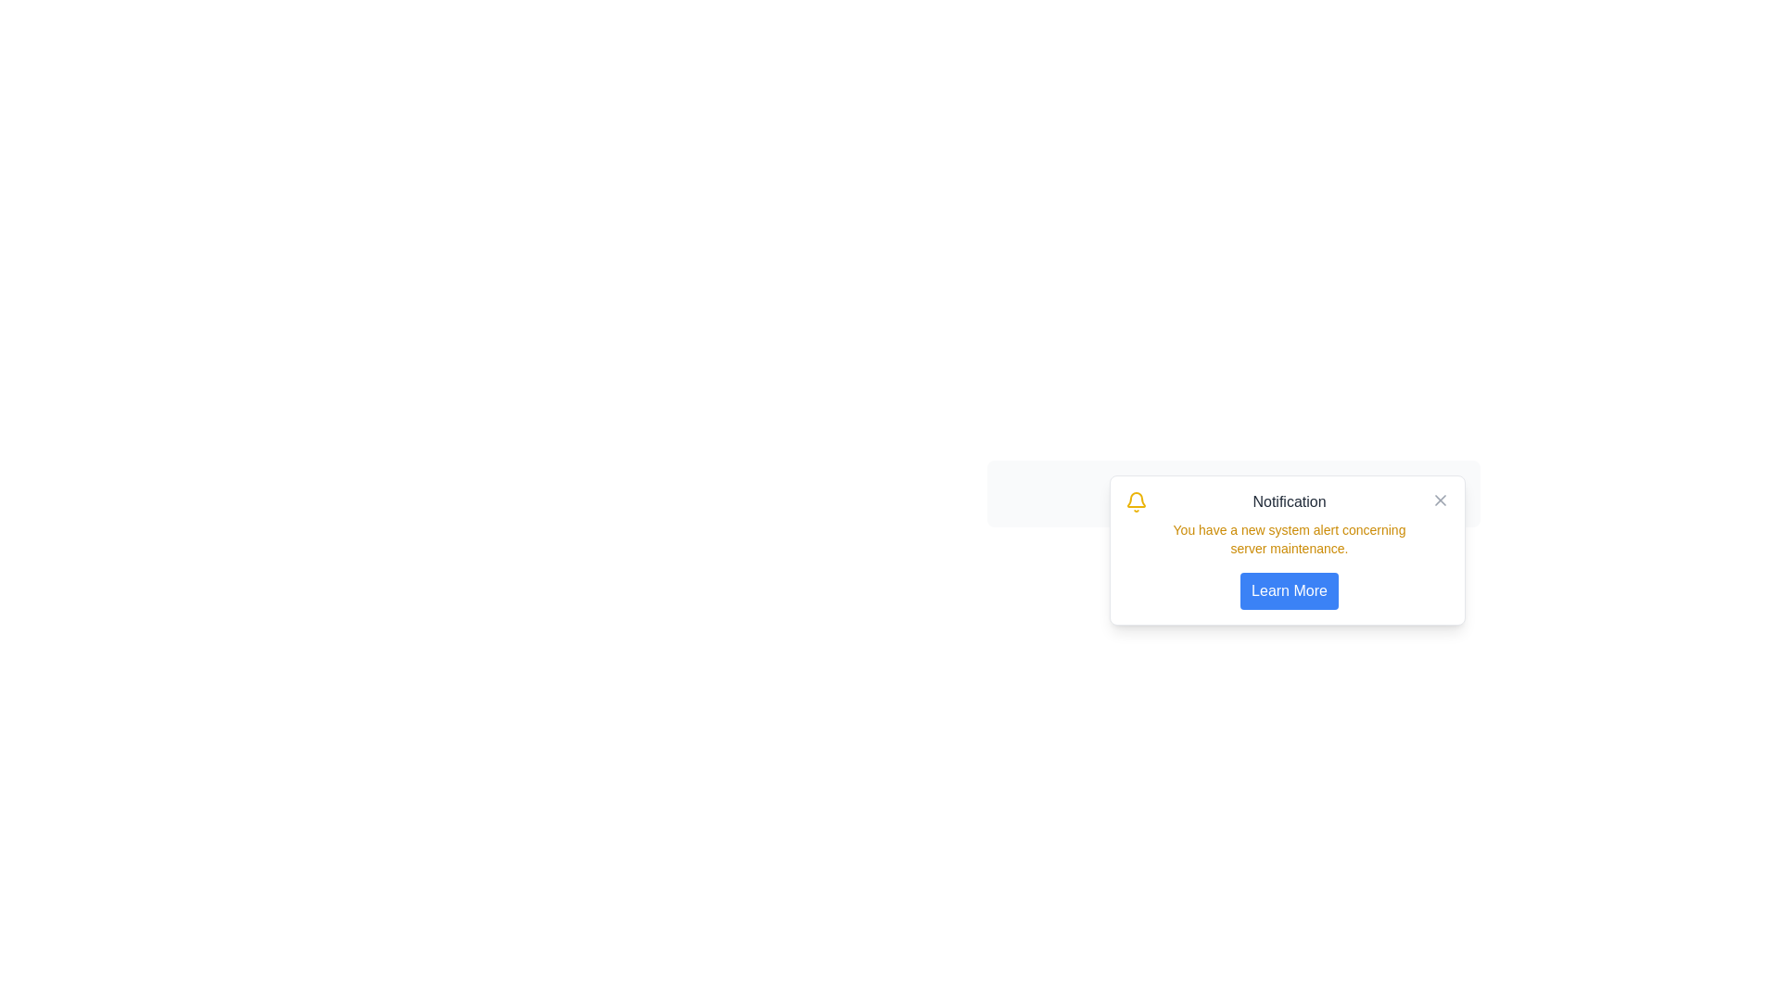 This screenshot has height=1001, width=1780. I want to click on text from the header of the notification card, which is located at the top-left corner and serves as a concise summary of the card's content, so click(1289, 502).